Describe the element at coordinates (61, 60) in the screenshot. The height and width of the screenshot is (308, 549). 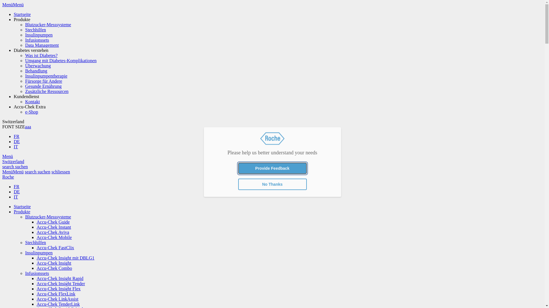
I see `'Umgang mit Diabetes-Komplikationen'` at that location.